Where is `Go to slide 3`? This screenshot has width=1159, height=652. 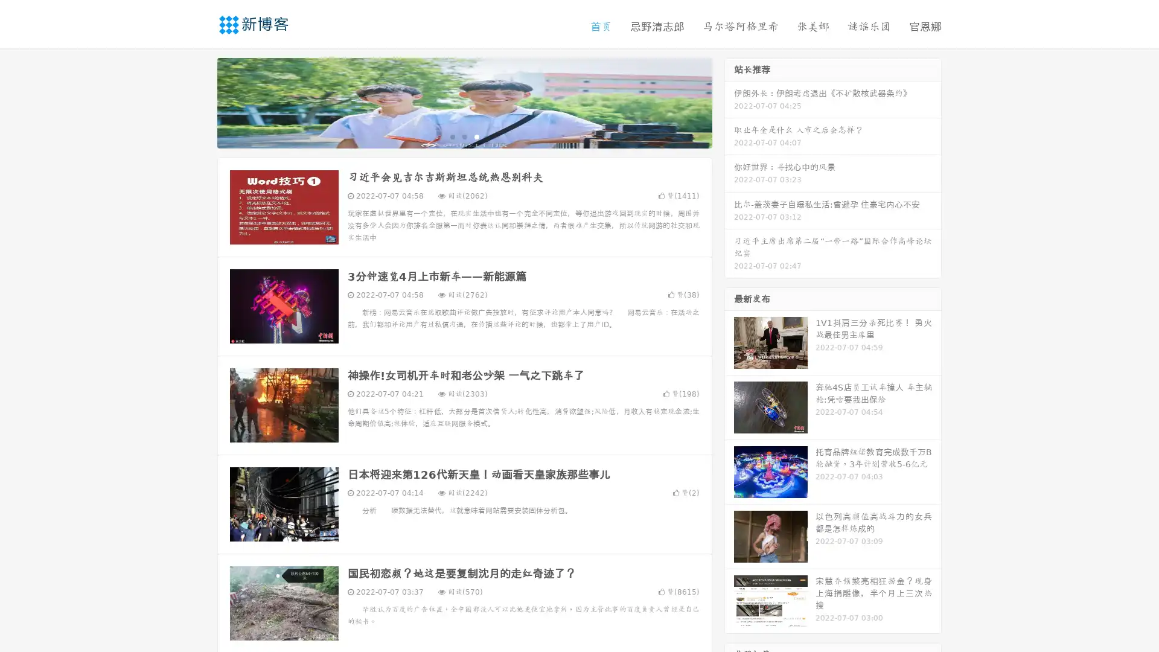 Go to slide 3 is located at coordinates (476, 136).